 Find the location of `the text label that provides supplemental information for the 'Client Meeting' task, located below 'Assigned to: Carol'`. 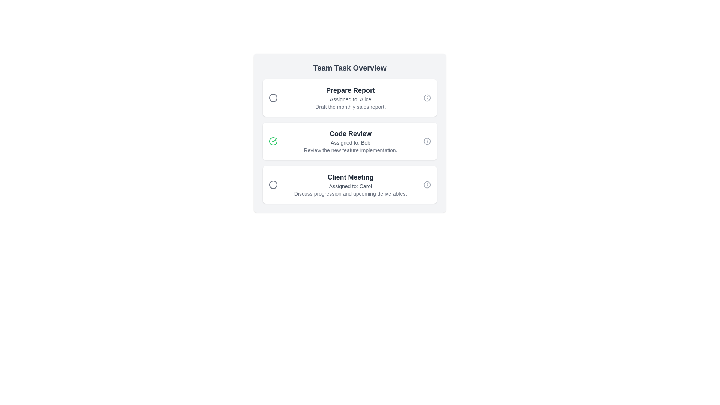

the text label that provides supplemental information for the 'Client Meeting' task, located below 'Assigned to: Carol' is located at coordinates (350, 193).